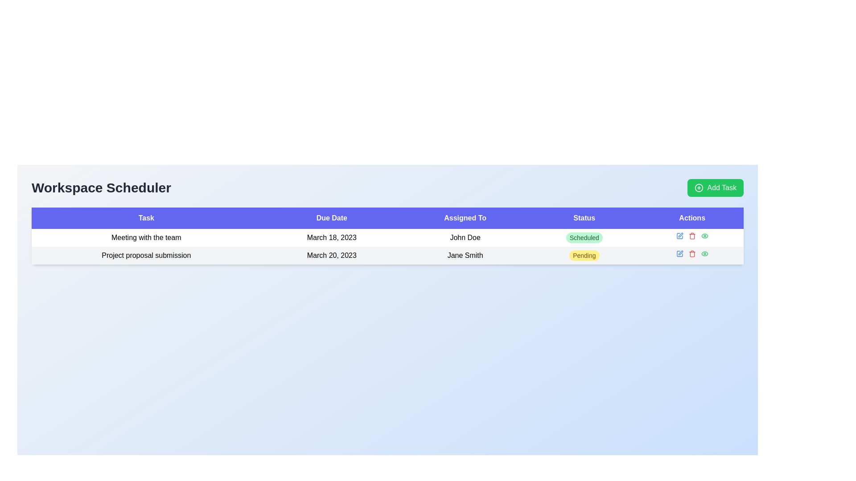 The image size is (856, 481). What do you see at coordinates (146, 218) in the screenshot?
I see `the text label displaying 'Task' with a white font on a purple background in the header of the table layout` at bounding box center [146, 218].